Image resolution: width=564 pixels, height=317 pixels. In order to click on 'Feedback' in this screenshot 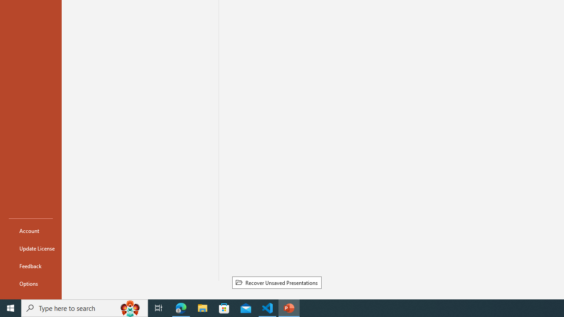, I will do `click(30, 265)`.